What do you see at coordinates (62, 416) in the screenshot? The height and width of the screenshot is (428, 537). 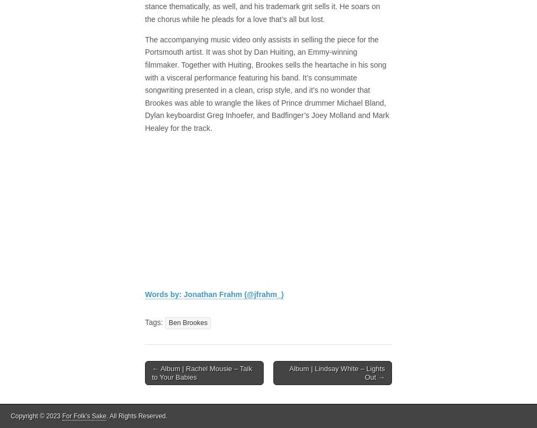 I see `'For Folk's Sake'` at bounding box center [62, 416].